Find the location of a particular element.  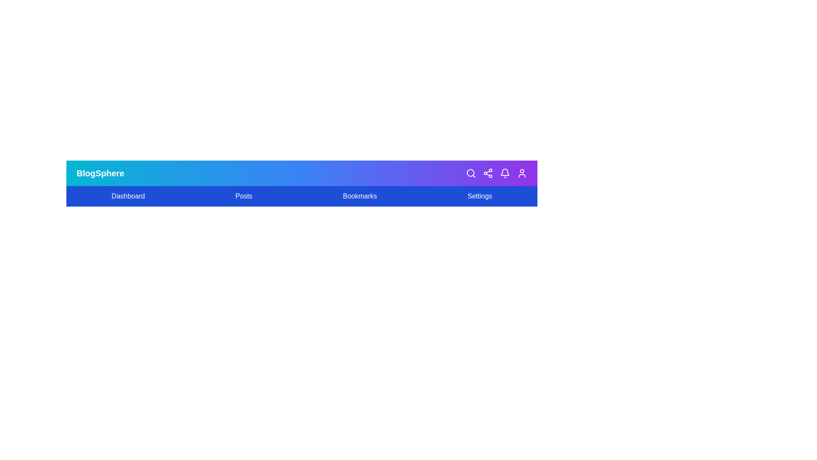

the notification bell icon to view notifications is located at coordinates (505, 173).